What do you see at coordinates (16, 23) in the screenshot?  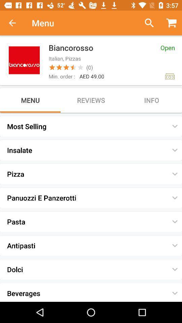 I see `go back` at bounding box center [16, 23].